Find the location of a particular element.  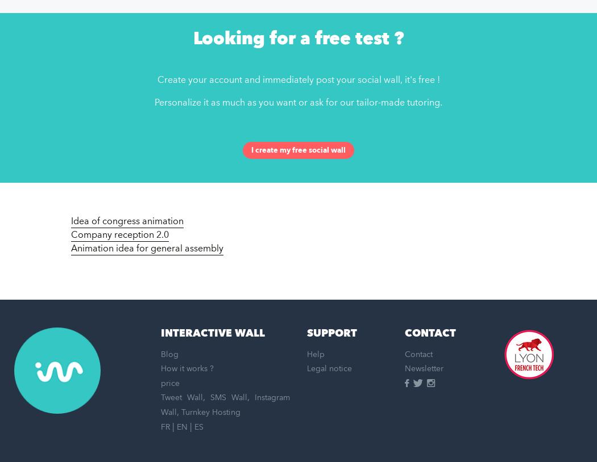

'Newsletter' is located at coordinates (422, 368).